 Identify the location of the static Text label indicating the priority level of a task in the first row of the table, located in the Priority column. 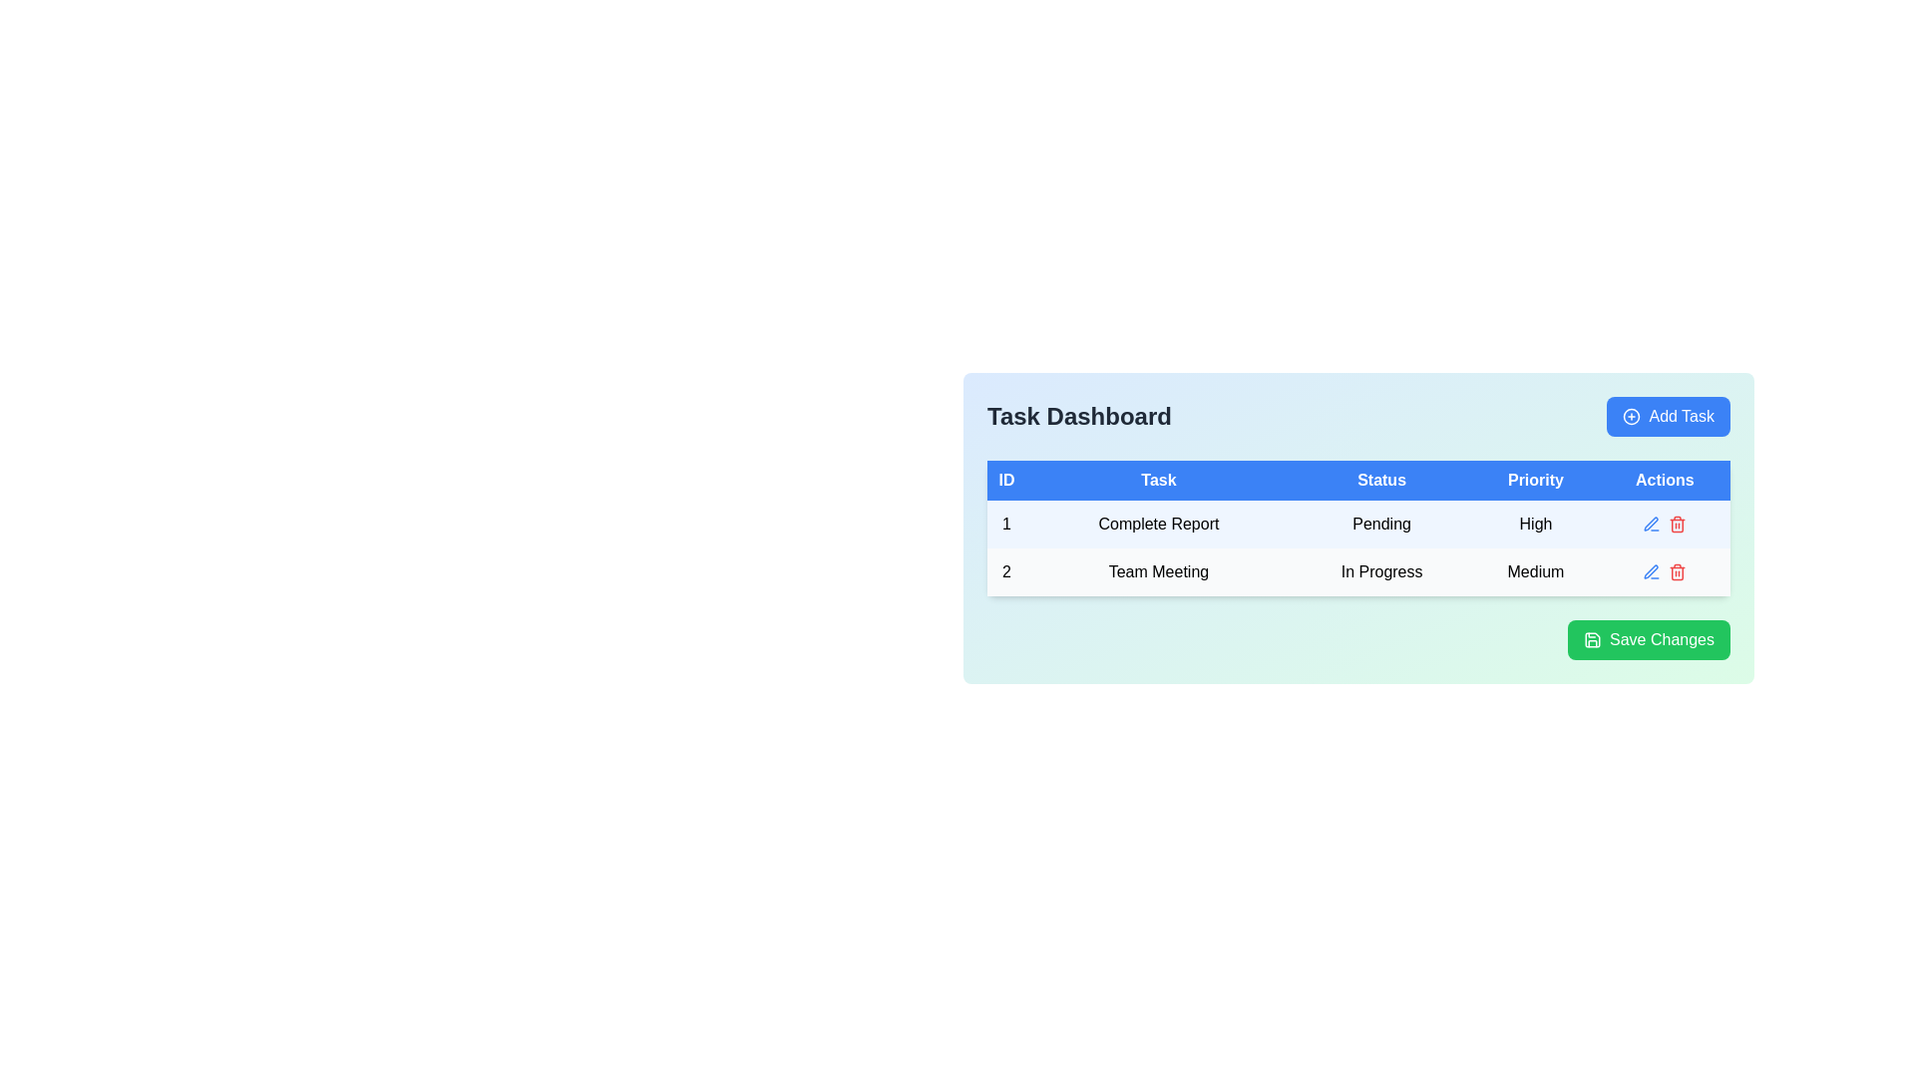
(1535, 523).